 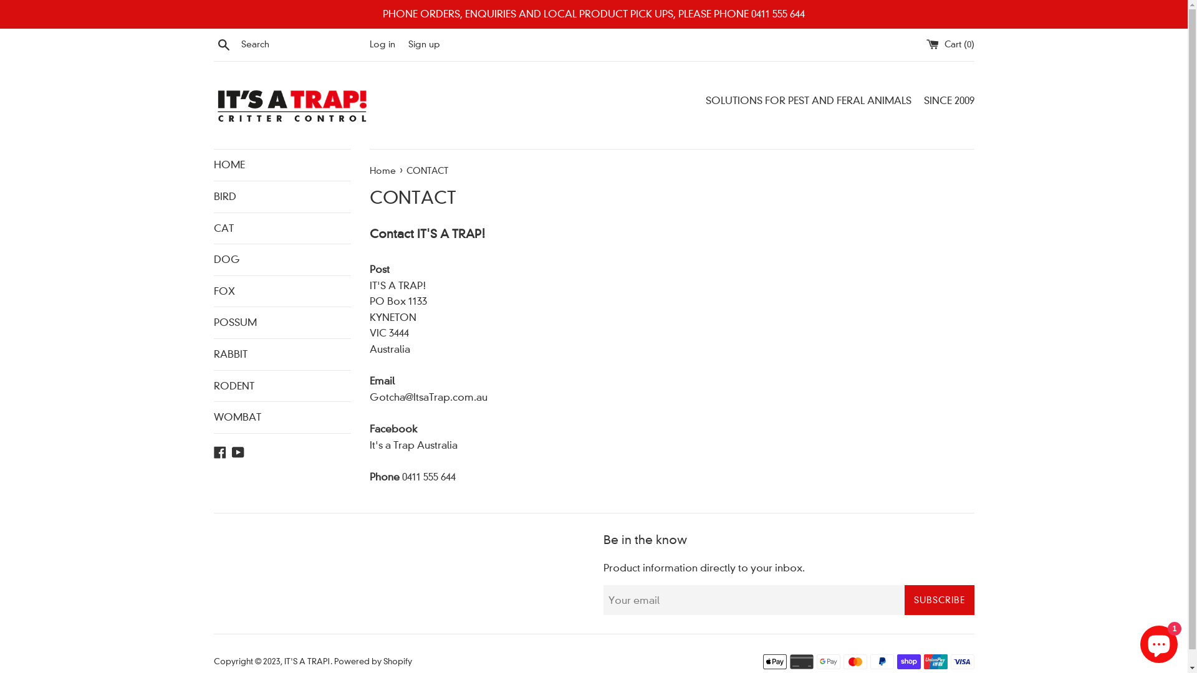 What do you see at coordinates (213, 291) in the screenshot?
I see `'FOX'` at bounding box center [213, 291].